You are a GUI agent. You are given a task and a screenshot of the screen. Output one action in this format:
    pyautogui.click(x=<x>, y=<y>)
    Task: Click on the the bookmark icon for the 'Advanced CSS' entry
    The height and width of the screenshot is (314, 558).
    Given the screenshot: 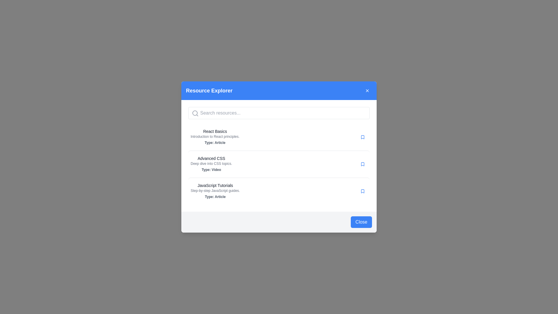 What is the action you would take?
    pyautogui.click(x=362, y=164)
    